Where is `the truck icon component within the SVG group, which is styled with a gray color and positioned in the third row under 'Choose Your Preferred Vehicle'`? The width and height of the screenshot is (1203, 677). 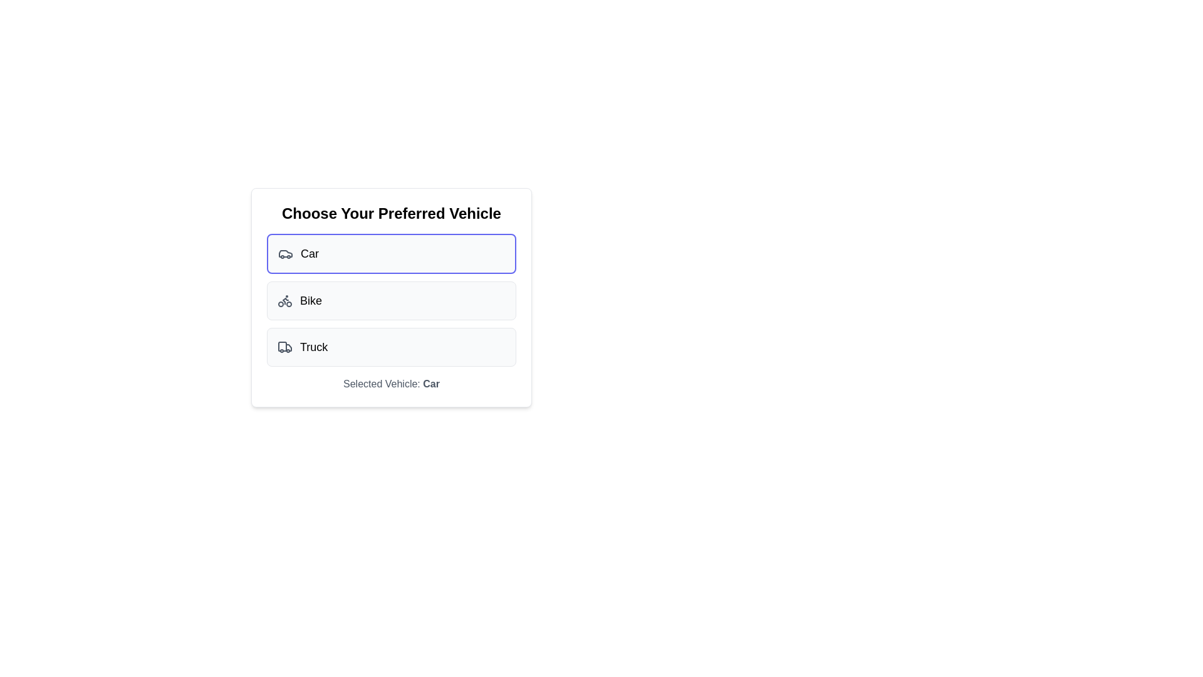 the truck icon component within the SVG group, which is styled with a gray color and positioned in the third row under 'Choose Your Preferred Vehicle' is located at coordinates (282, 346).